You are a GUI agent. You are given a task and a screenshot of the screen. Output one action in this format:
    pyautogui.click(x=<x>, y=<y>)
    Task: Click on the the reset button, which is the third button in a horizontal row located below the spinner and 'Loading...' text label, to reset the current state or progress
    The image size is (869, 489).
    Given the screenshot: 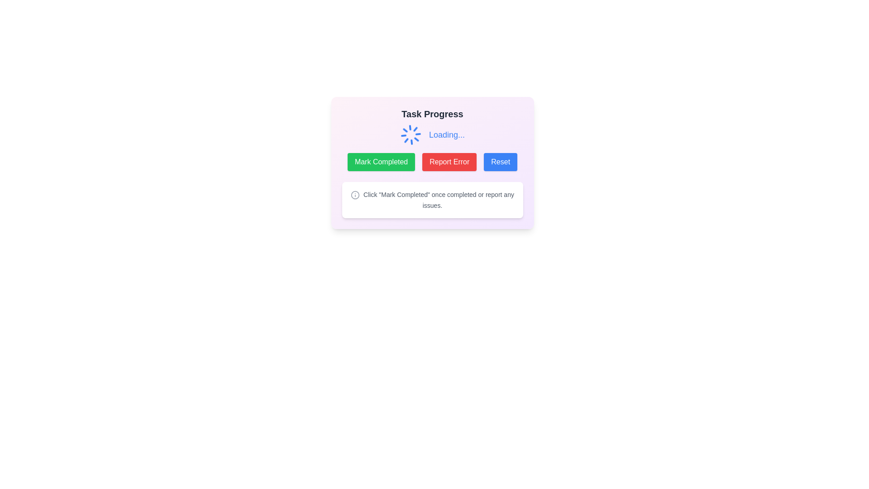 What is the action you would take?
    pyautogui.click(x=500, y=162)
    